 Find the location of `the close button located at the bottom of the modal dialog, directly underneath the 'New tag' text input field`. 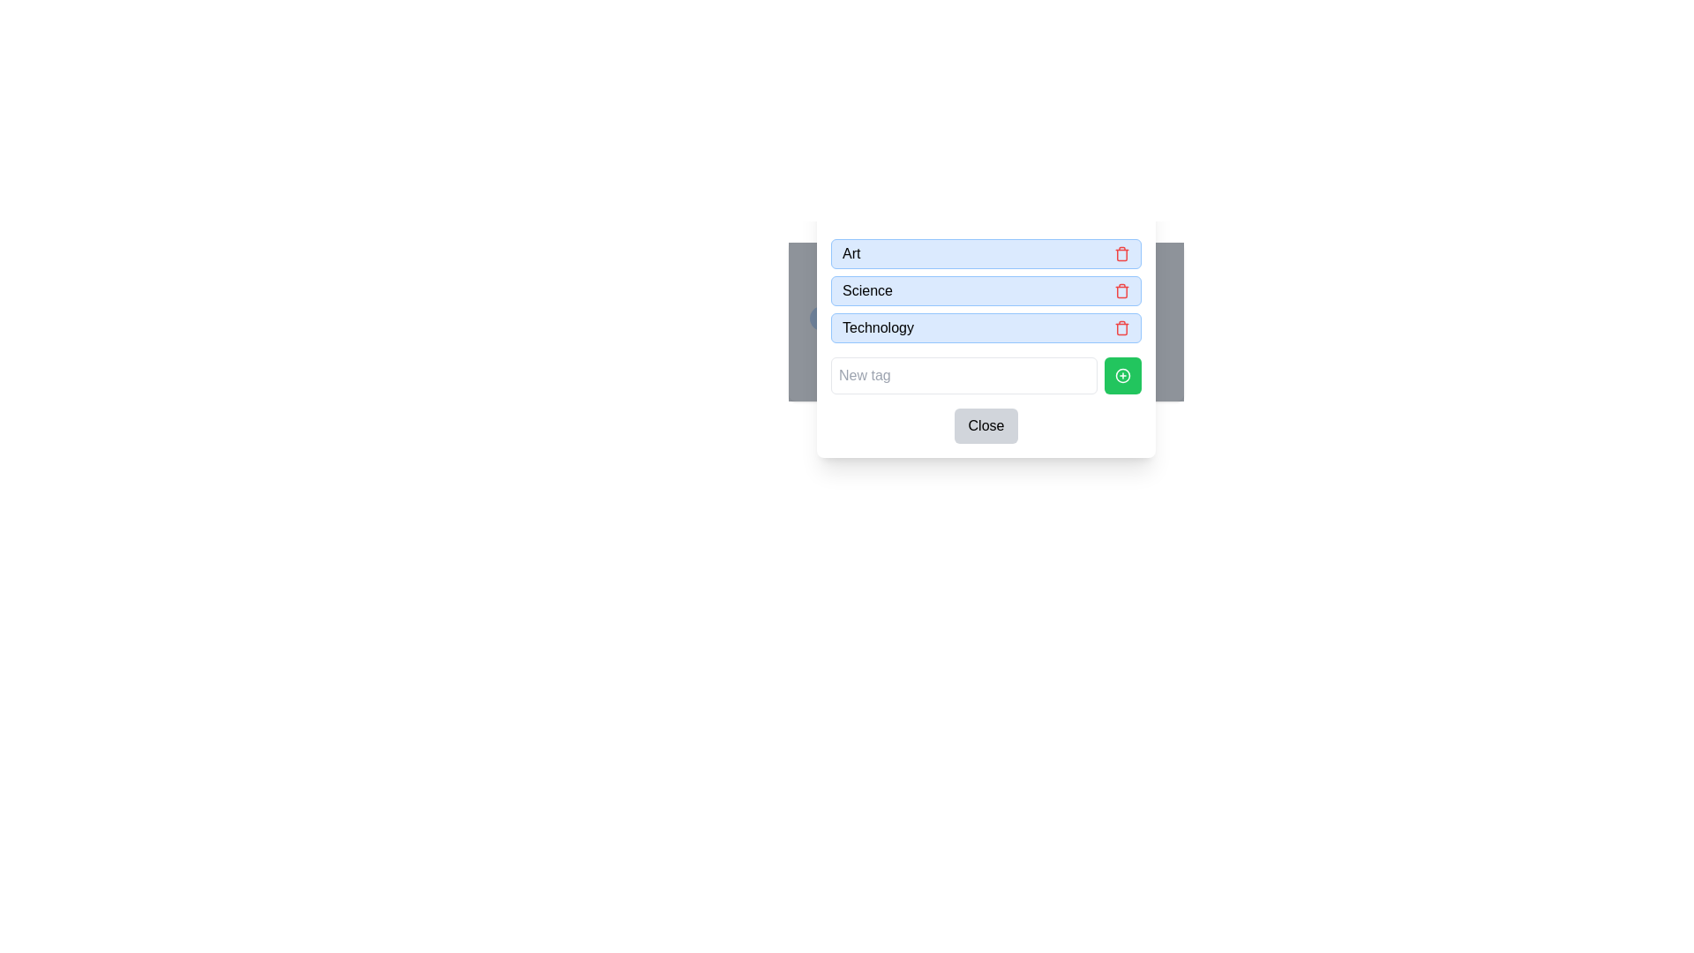

the close button located at the bottom of the modal dialog, directly underneath the 'New tag' text input field is located at coordinates (986, 425).